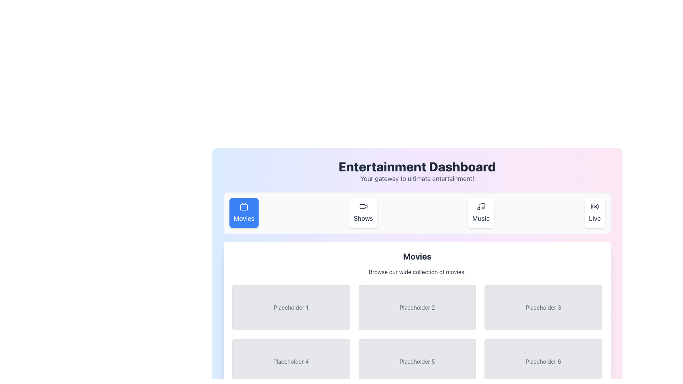  I want to click on the Placeholder box located, so click(291, 307).